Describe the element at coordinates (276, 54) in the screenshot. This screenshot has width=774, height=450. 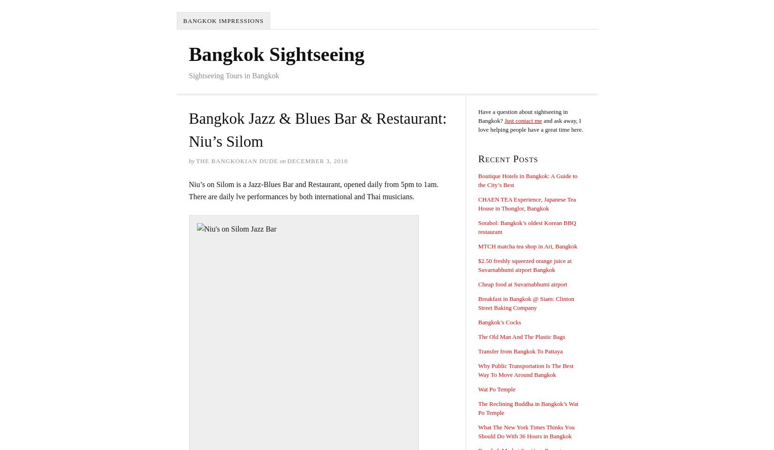
I see `'Bangkok Sightseeing'` at that location.